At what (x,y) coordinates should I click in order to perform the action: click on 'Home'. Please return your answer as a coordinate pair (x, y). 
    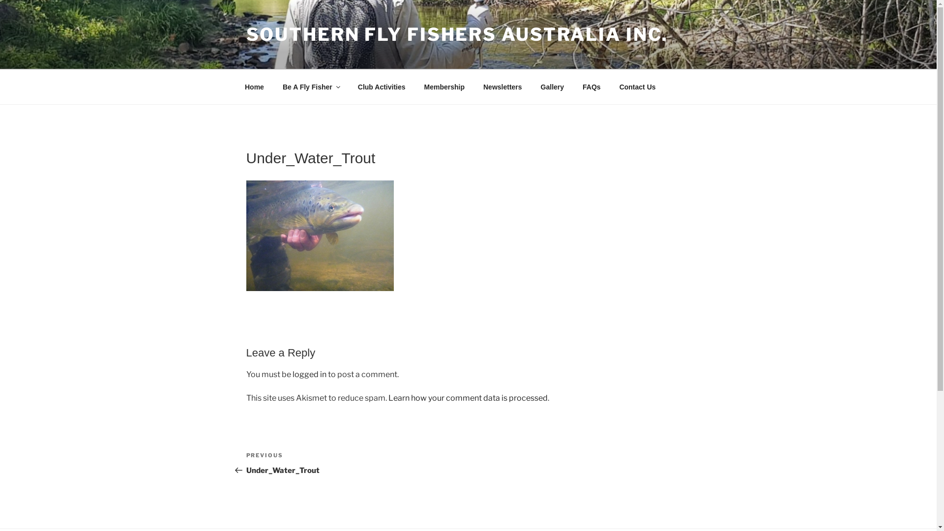
    Looking at the image, I should click on (254, 86).